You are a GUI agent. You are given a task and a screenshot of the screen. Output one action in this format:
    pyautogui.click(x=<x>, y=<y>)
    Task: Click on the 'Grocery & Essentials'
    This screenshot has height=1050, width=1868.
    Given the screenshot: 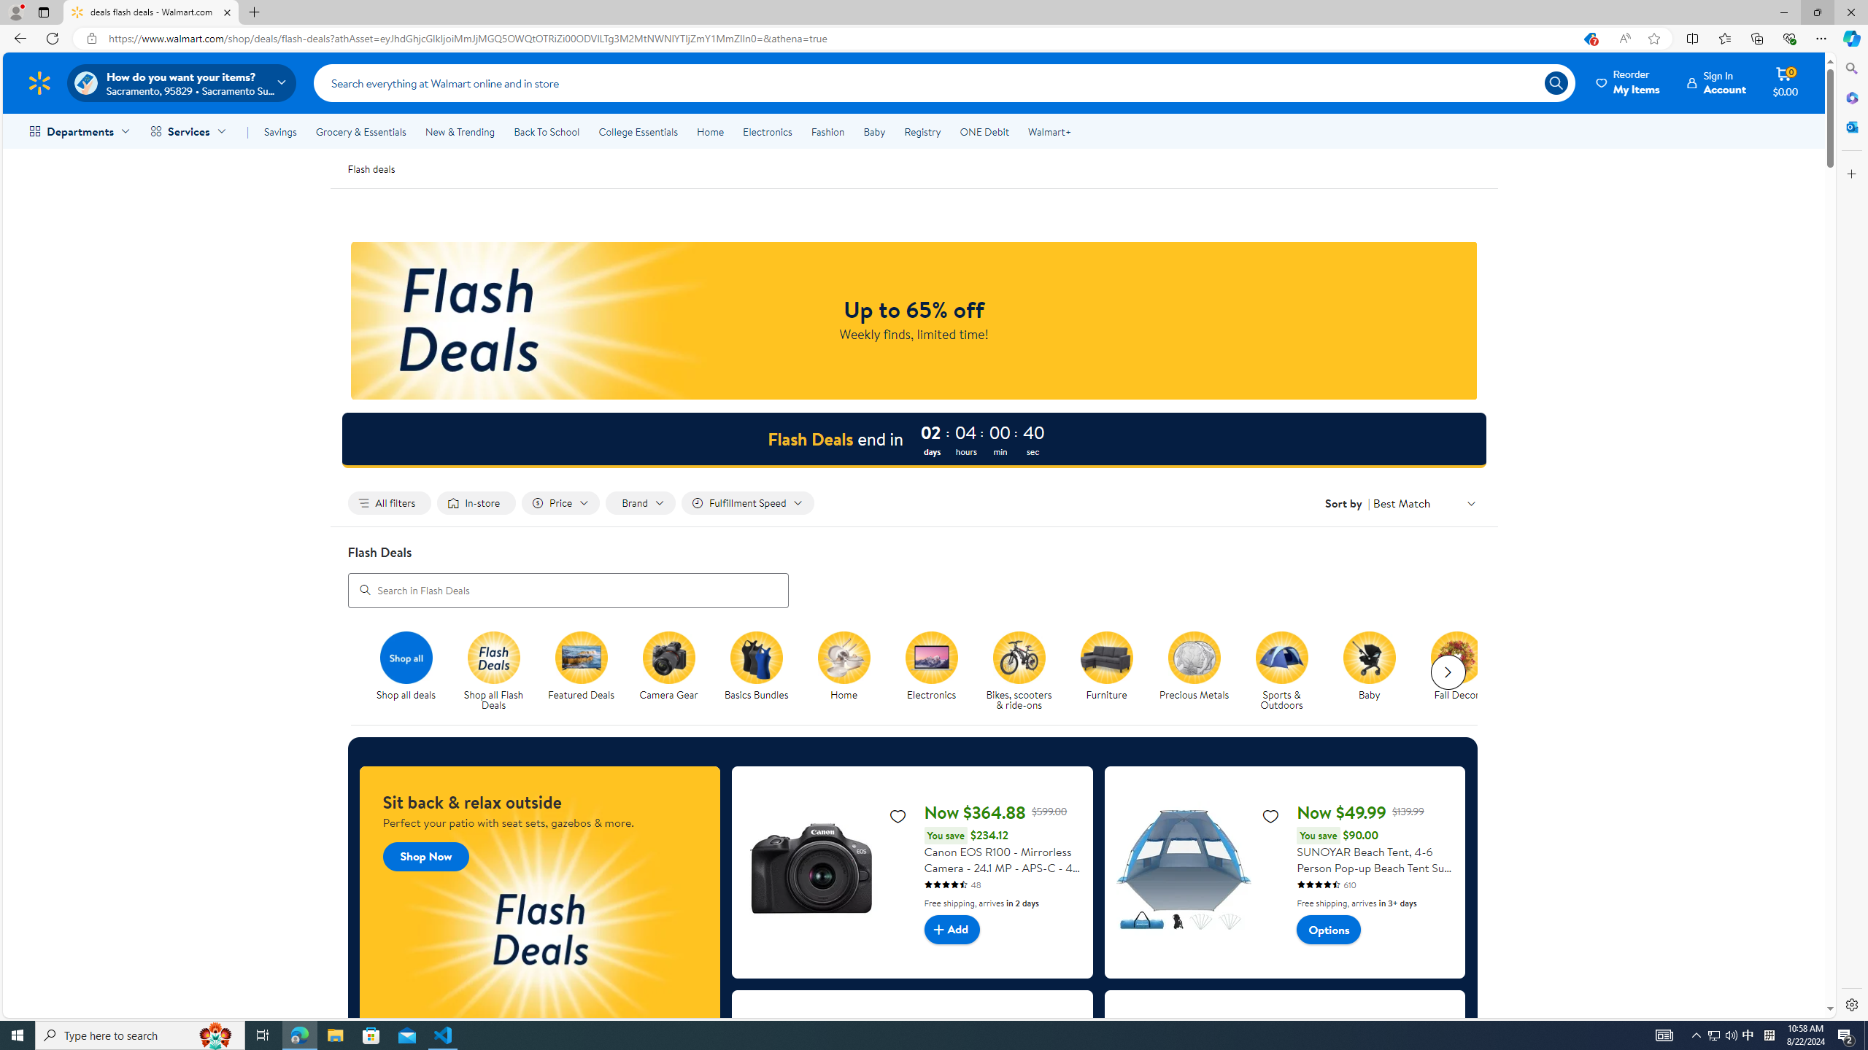 What is the action you would take?
    pyautogui.click(x=360, y=131)
    